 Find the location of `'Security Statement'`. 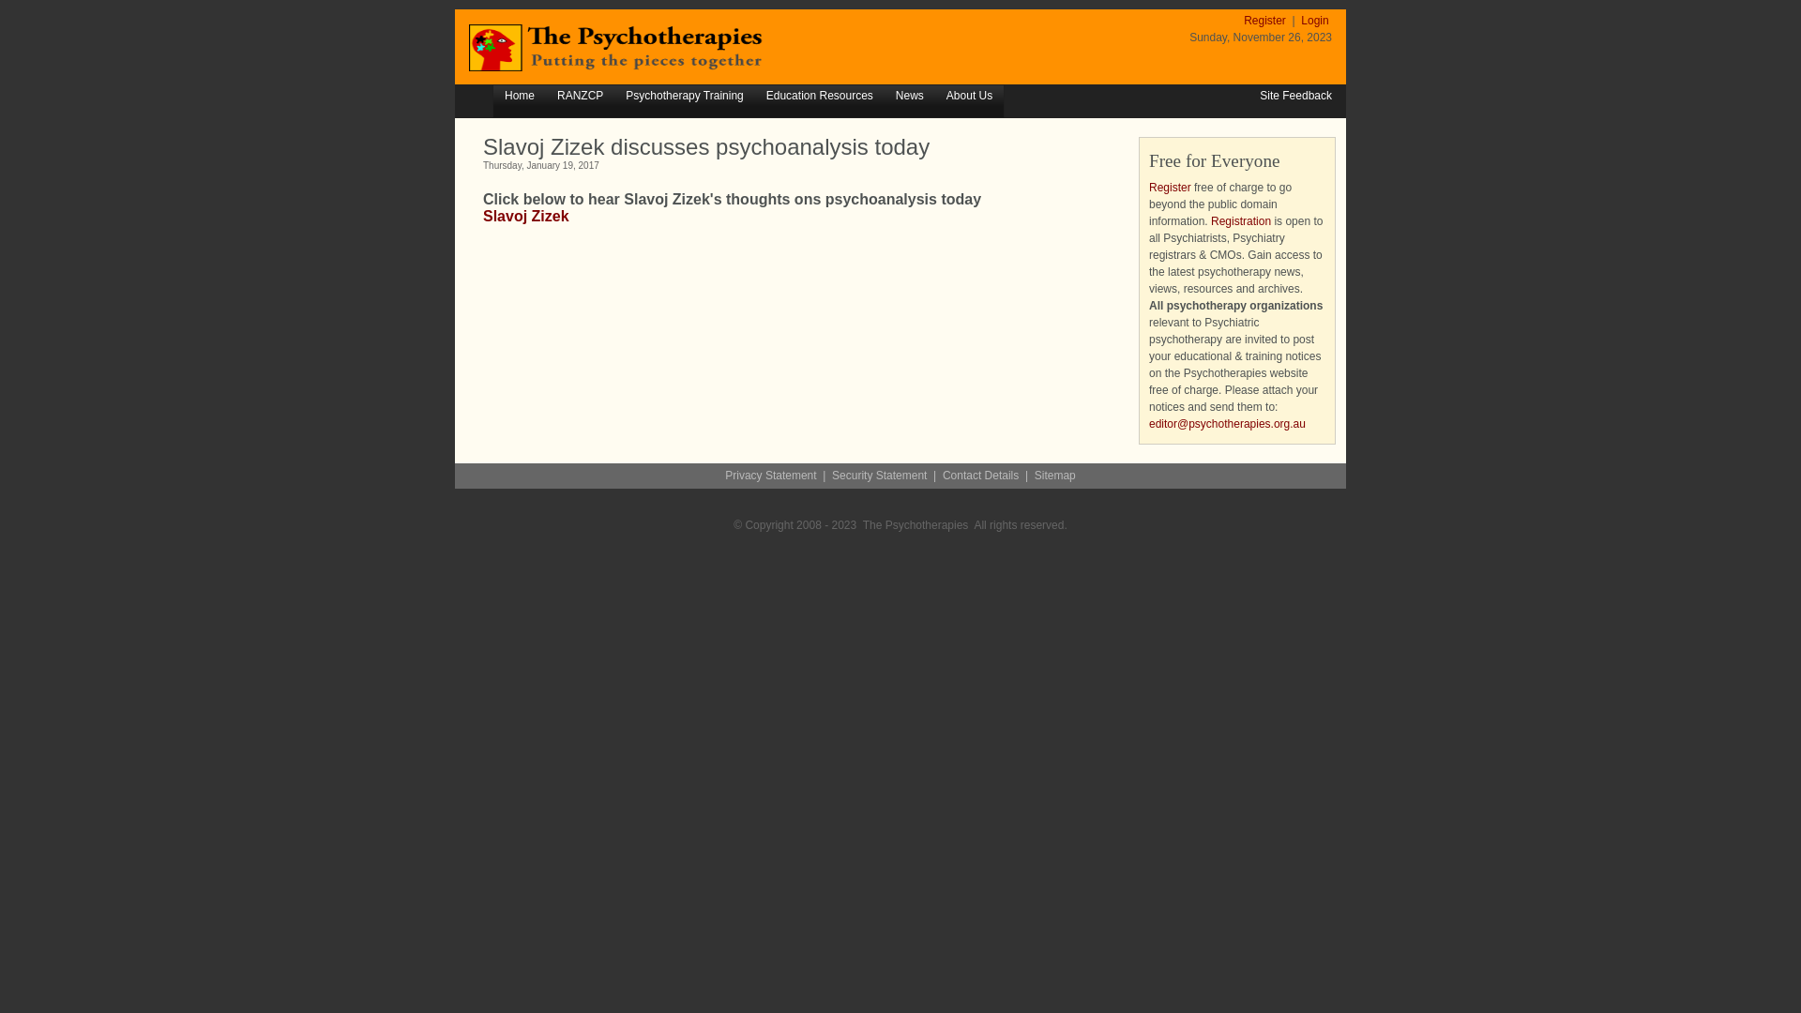

'Security Statement' is located at coordinates (831, 474).